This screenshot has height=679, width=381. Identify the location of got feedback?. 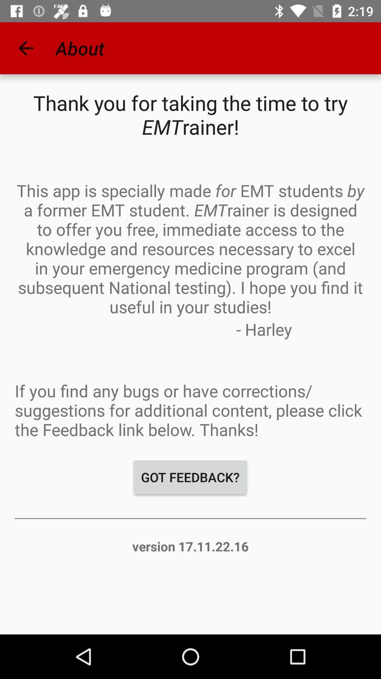
(190, 477).